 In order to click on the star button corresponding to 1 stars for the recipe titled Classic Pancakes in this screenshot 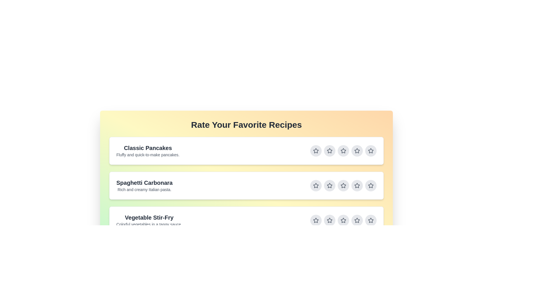, I will do `click(315, 150)`.